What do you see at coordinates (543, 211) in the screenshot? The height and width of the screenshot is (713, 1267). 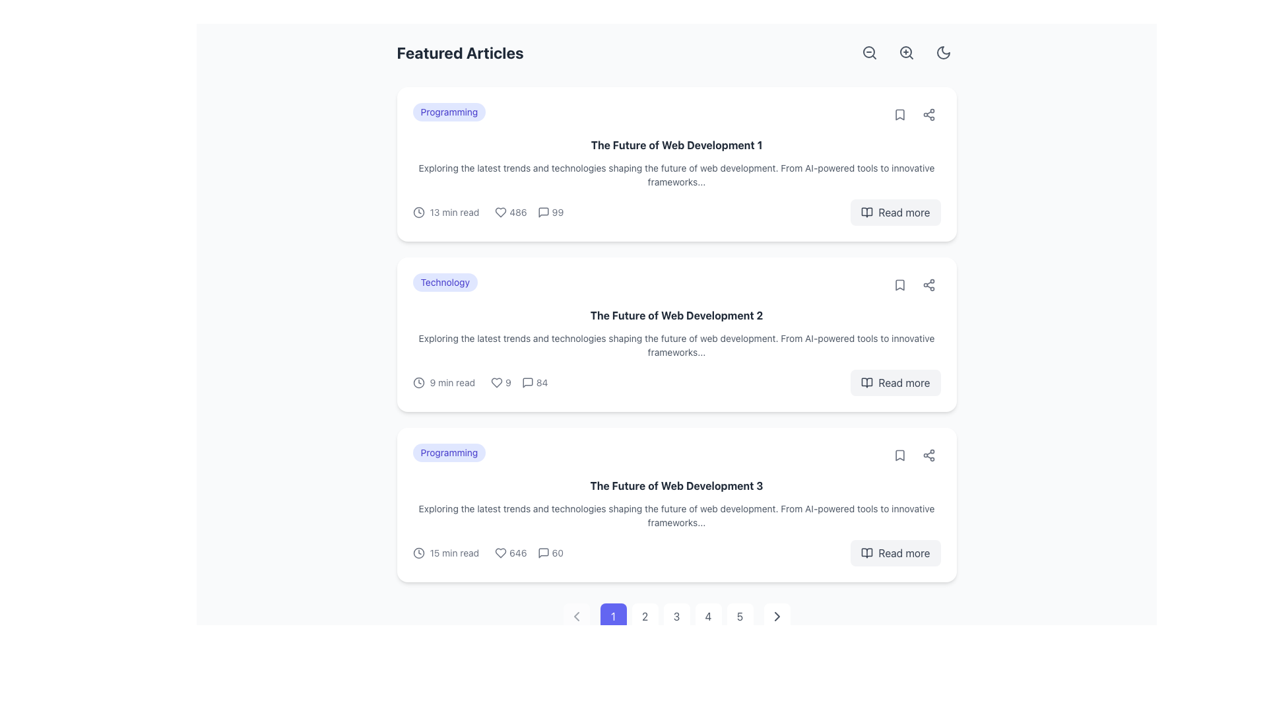 I see `the small speech bubble icon with a gray outline located to the right of the numerical text '99' in the article card titled 'The Future of Web Development 1'` at bounding box center [543, 211].